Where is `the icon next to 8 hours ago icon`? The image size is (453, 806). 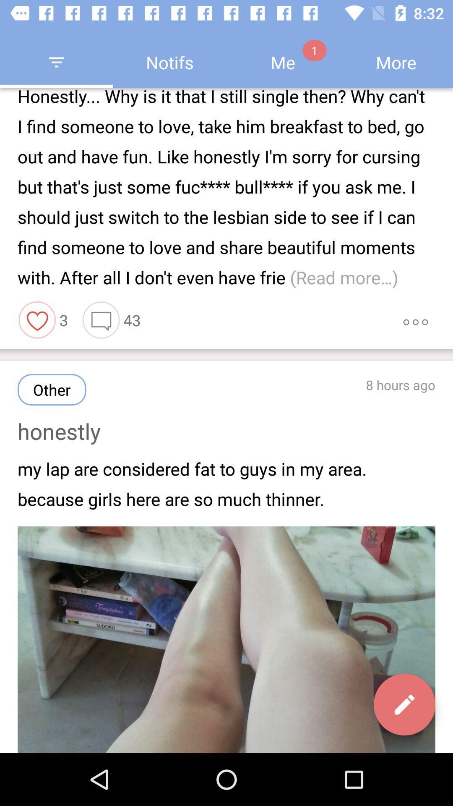
the icon next to 8 hours ago icon is located at coordinates (52, 389).